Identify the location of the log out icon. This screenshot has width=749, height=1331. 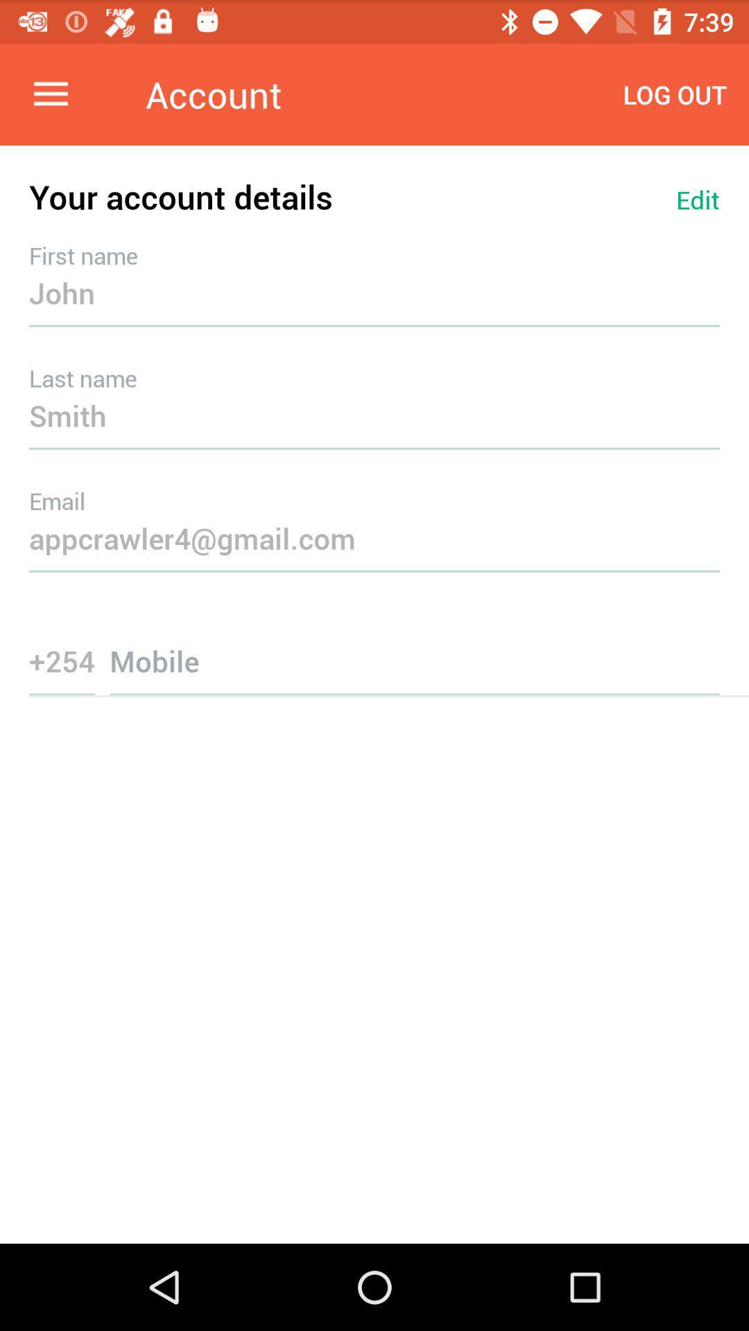
(674, 94).